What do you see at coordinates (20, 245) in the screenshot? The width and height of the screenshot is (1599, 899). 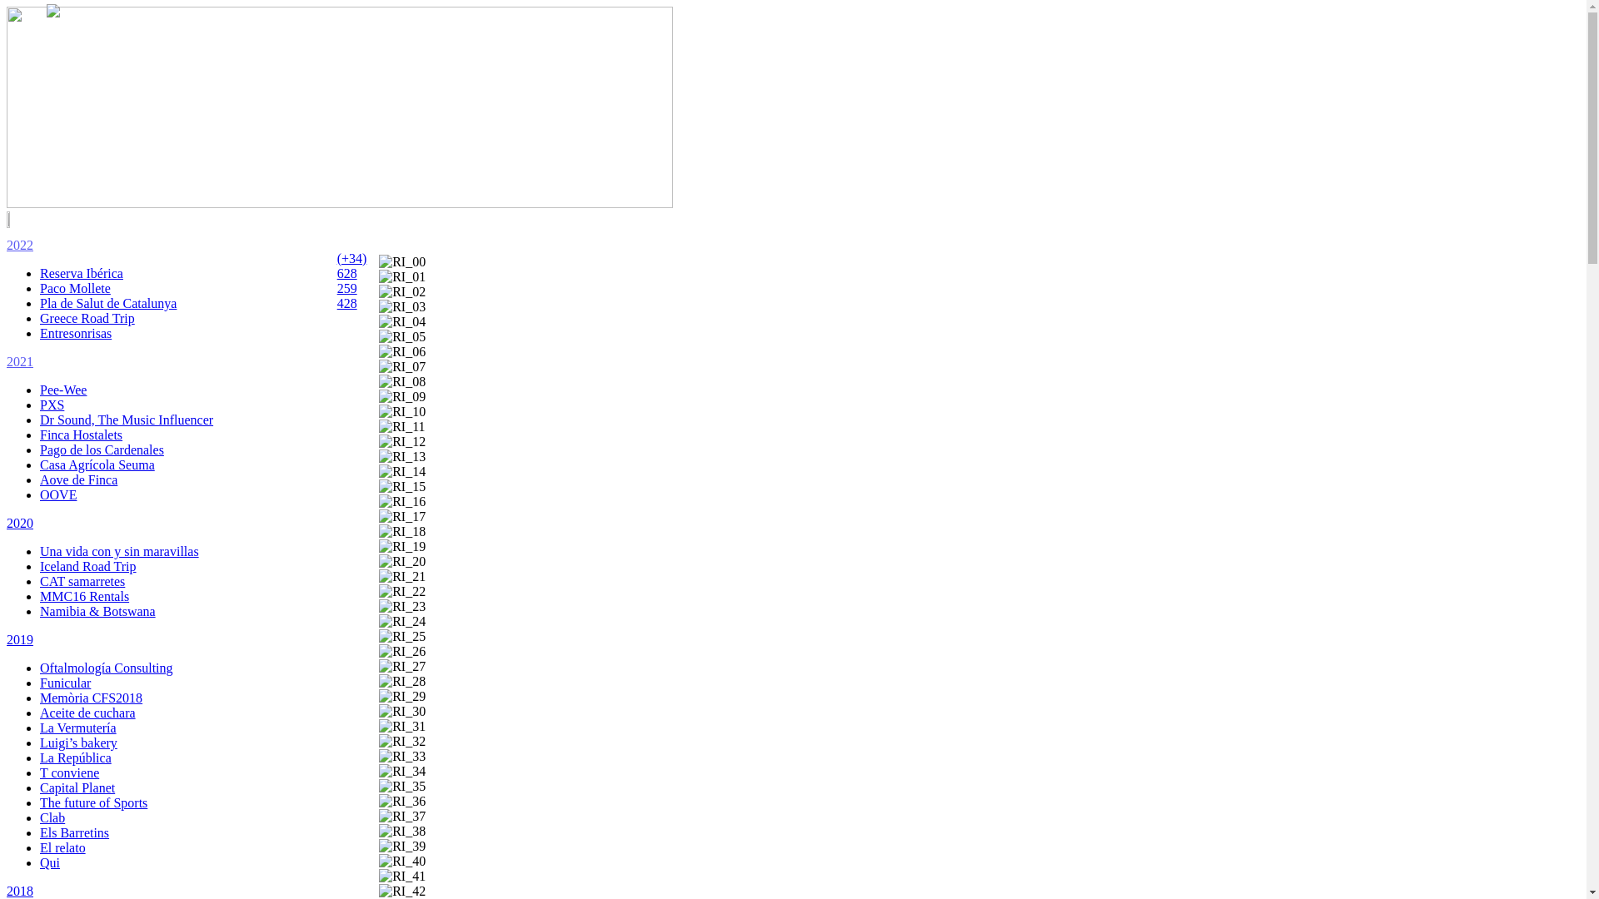 I see `'2022'` at bounding box center [20, 245].